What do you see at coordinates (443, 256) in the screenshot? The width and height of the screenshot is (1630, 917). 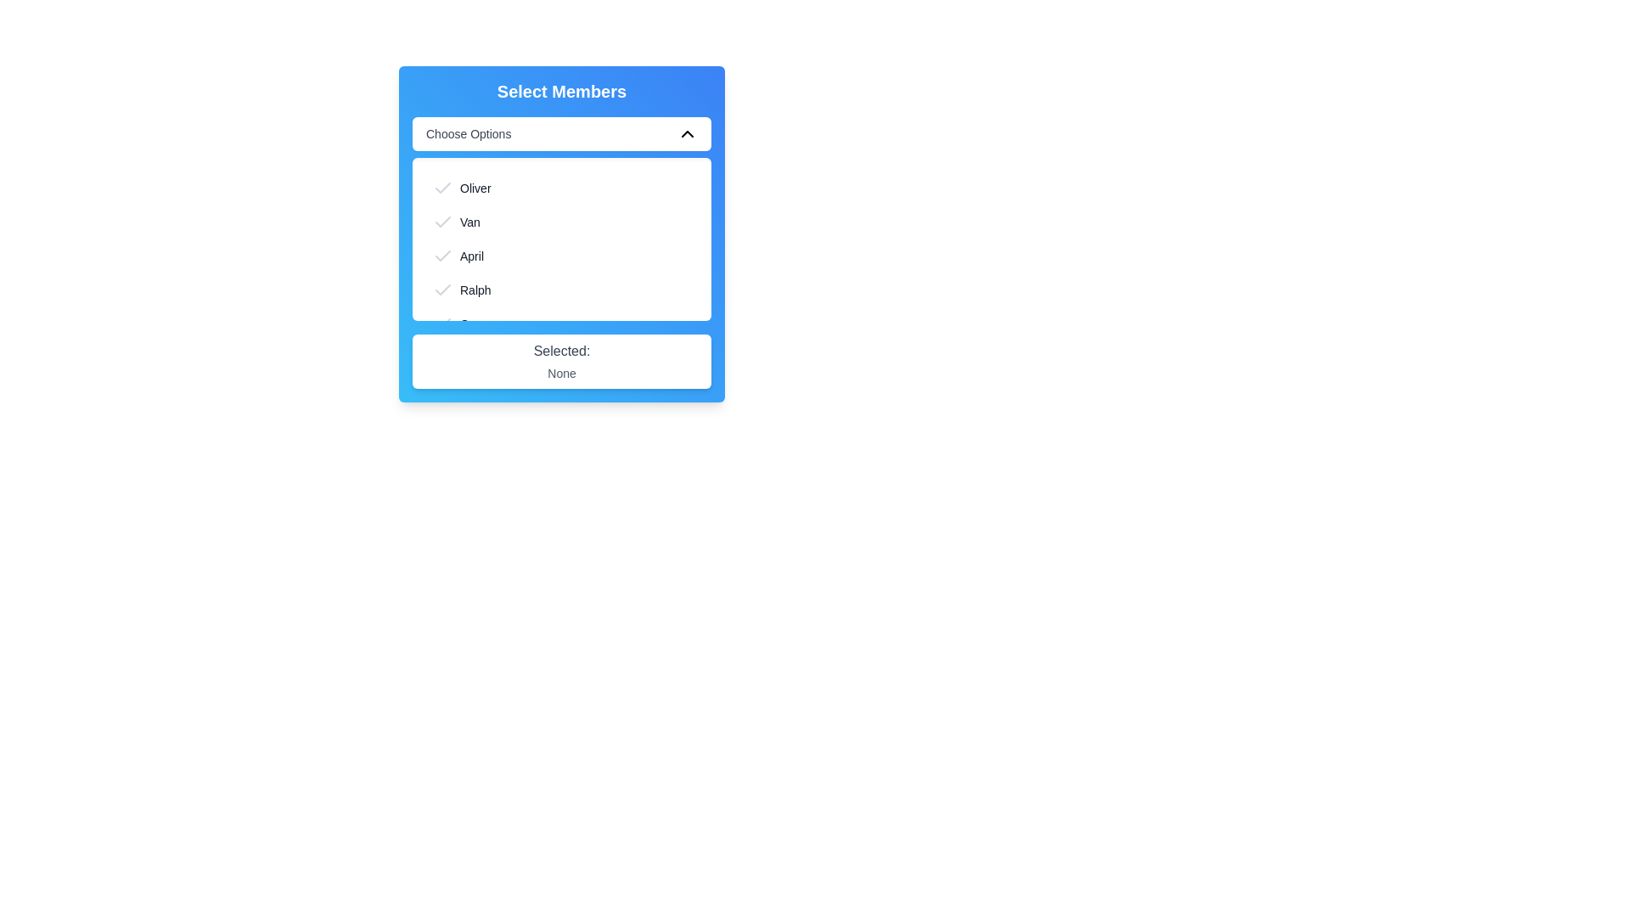 I see `the checkmark icon located to the left of the text 'April' in the dropdown menu` at bounding box center [443, 256].